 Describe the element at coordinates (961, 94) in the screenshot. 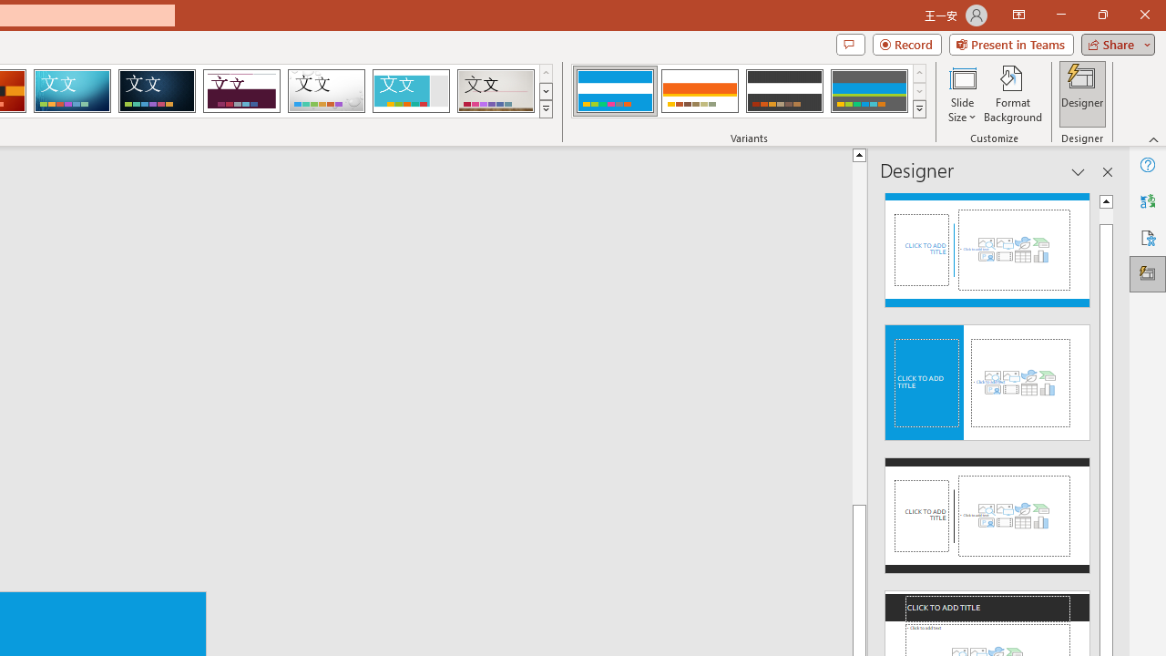

I see `'Slide Size'` at that location.